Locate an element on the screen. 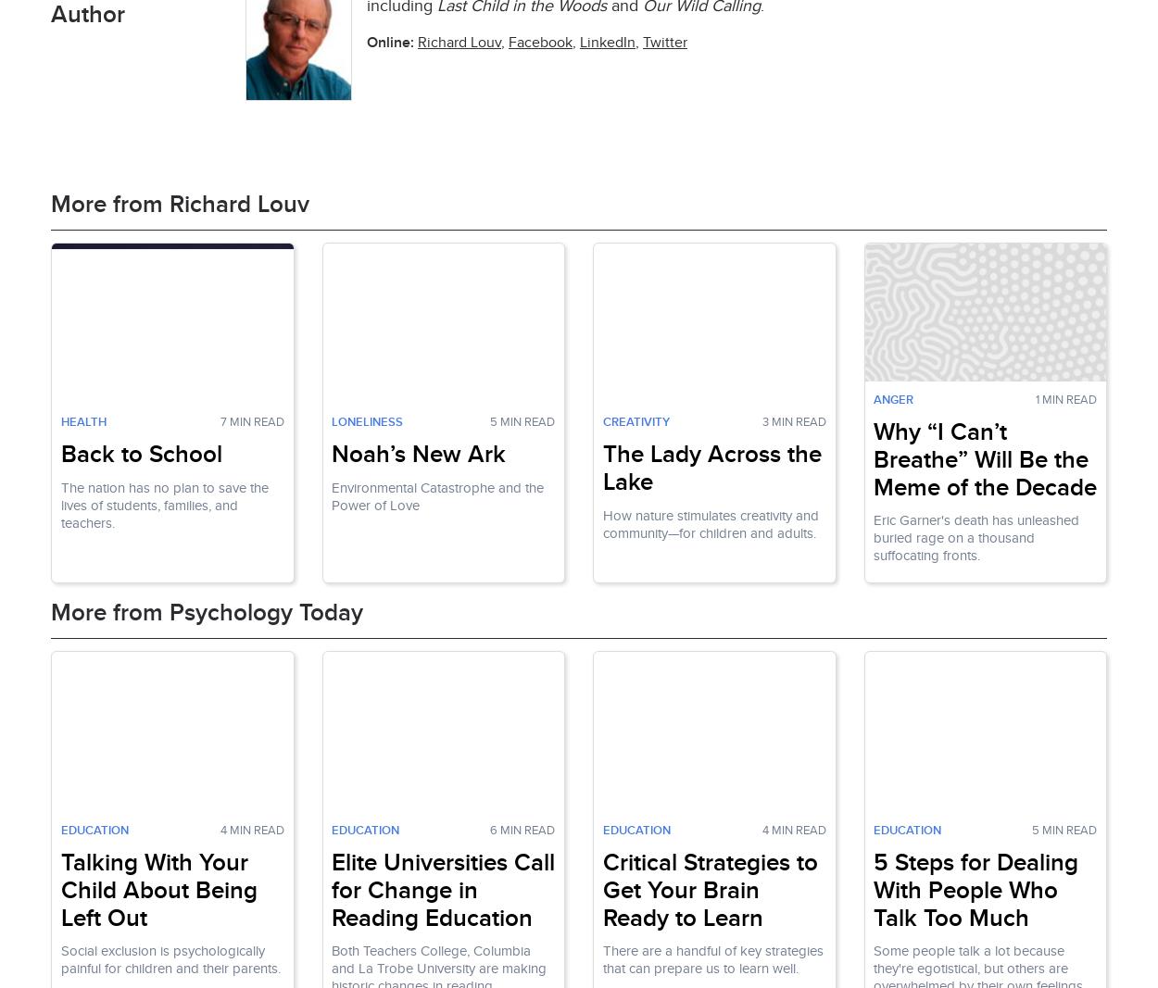 The image size is (1158, 988). 'Creativity' is located at coordinates (602, 420).